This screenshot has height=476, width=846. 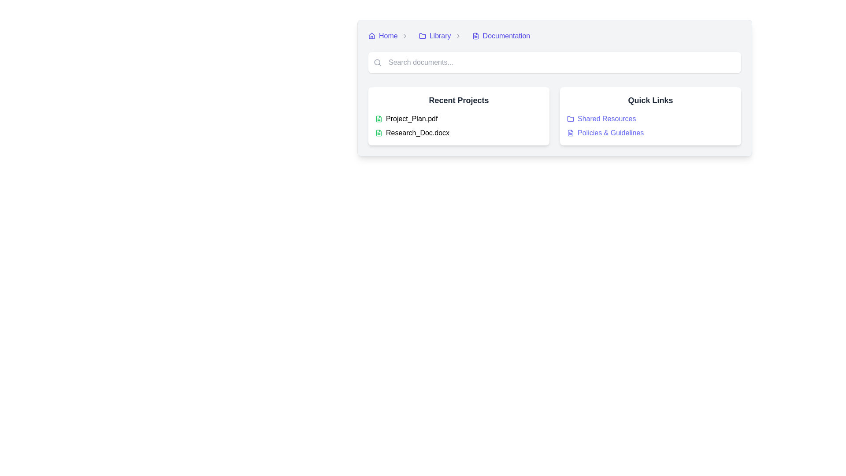 What do you see at coordinates (383, 35) in the screenshot?
I see `the navigation link that serves as the first item in the breadcrumb navigation bar` at bounding box center [383, 35].